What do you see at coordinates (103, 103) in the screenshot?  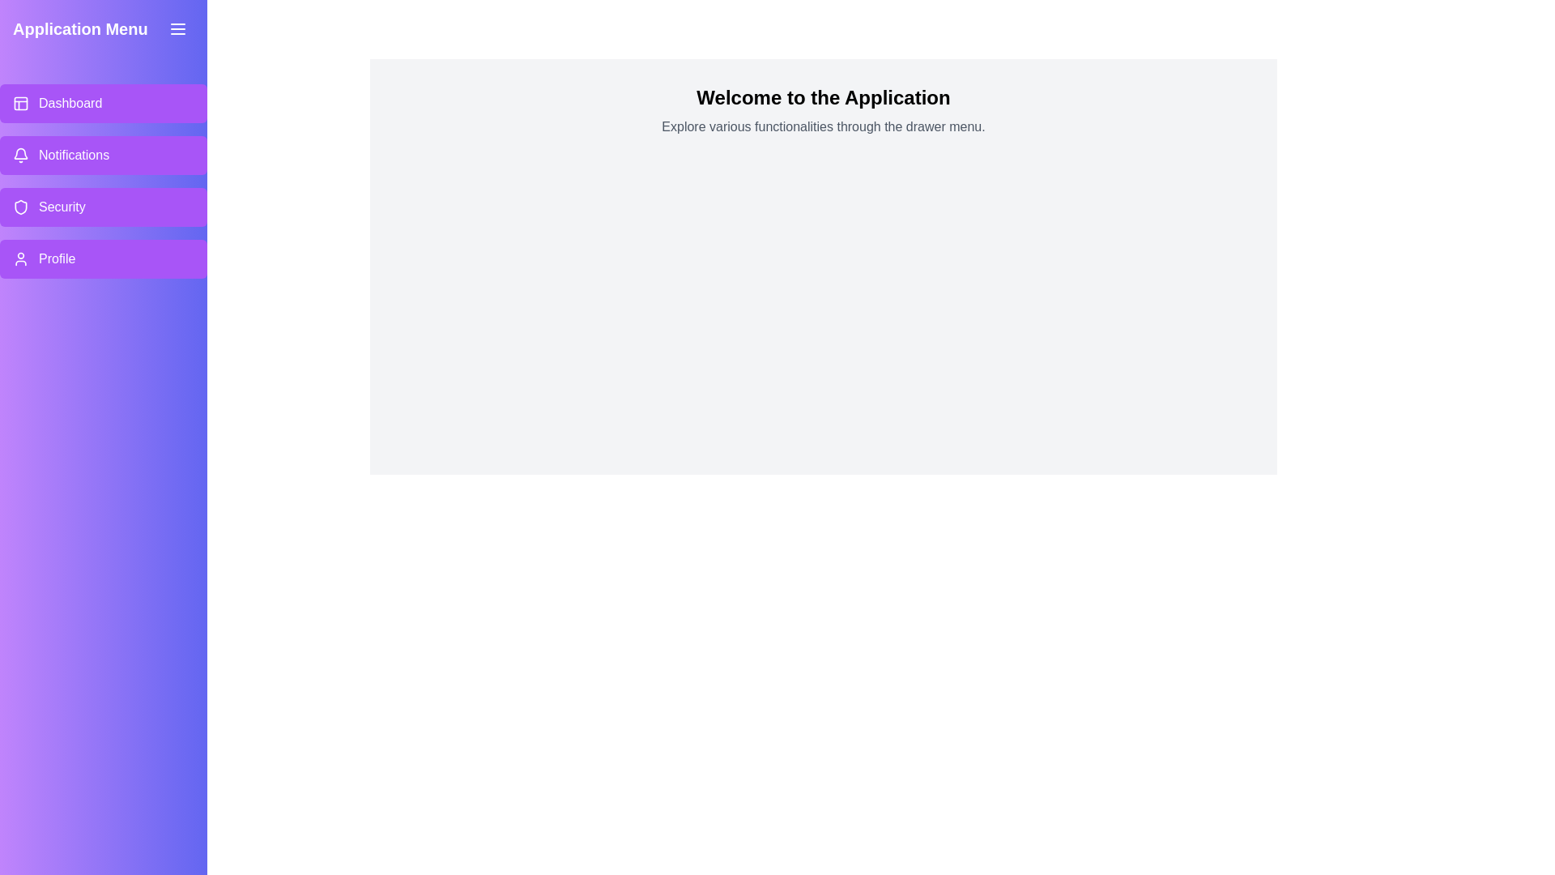 I see `the menu item labeled Dashboard` at bounding box center [103, 103].